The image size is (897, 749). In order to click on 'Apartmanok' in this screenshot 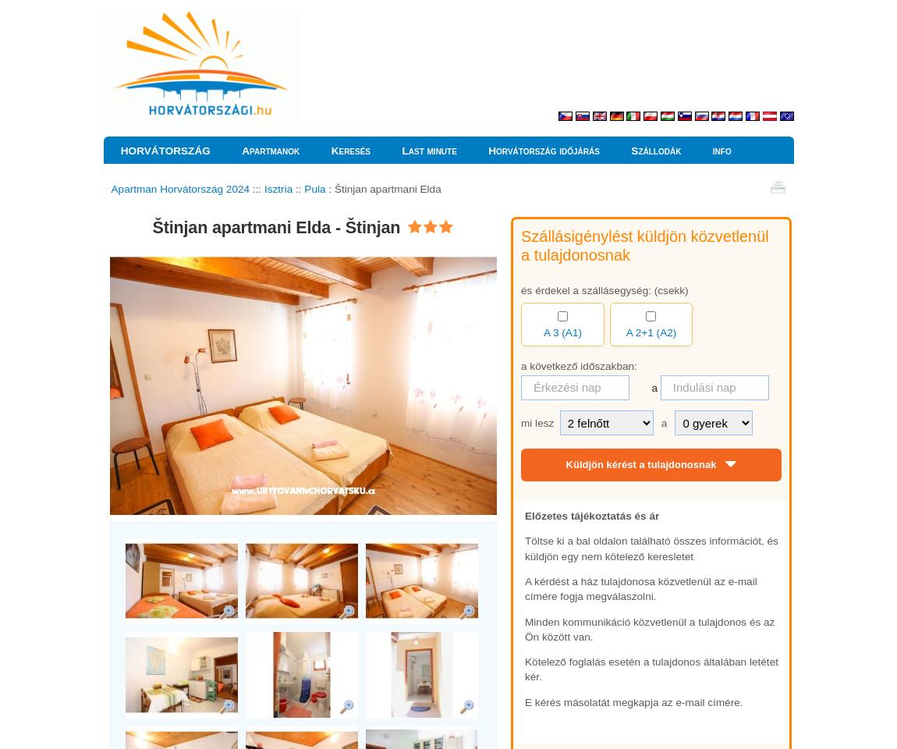, I will do `click(270, 151)`.